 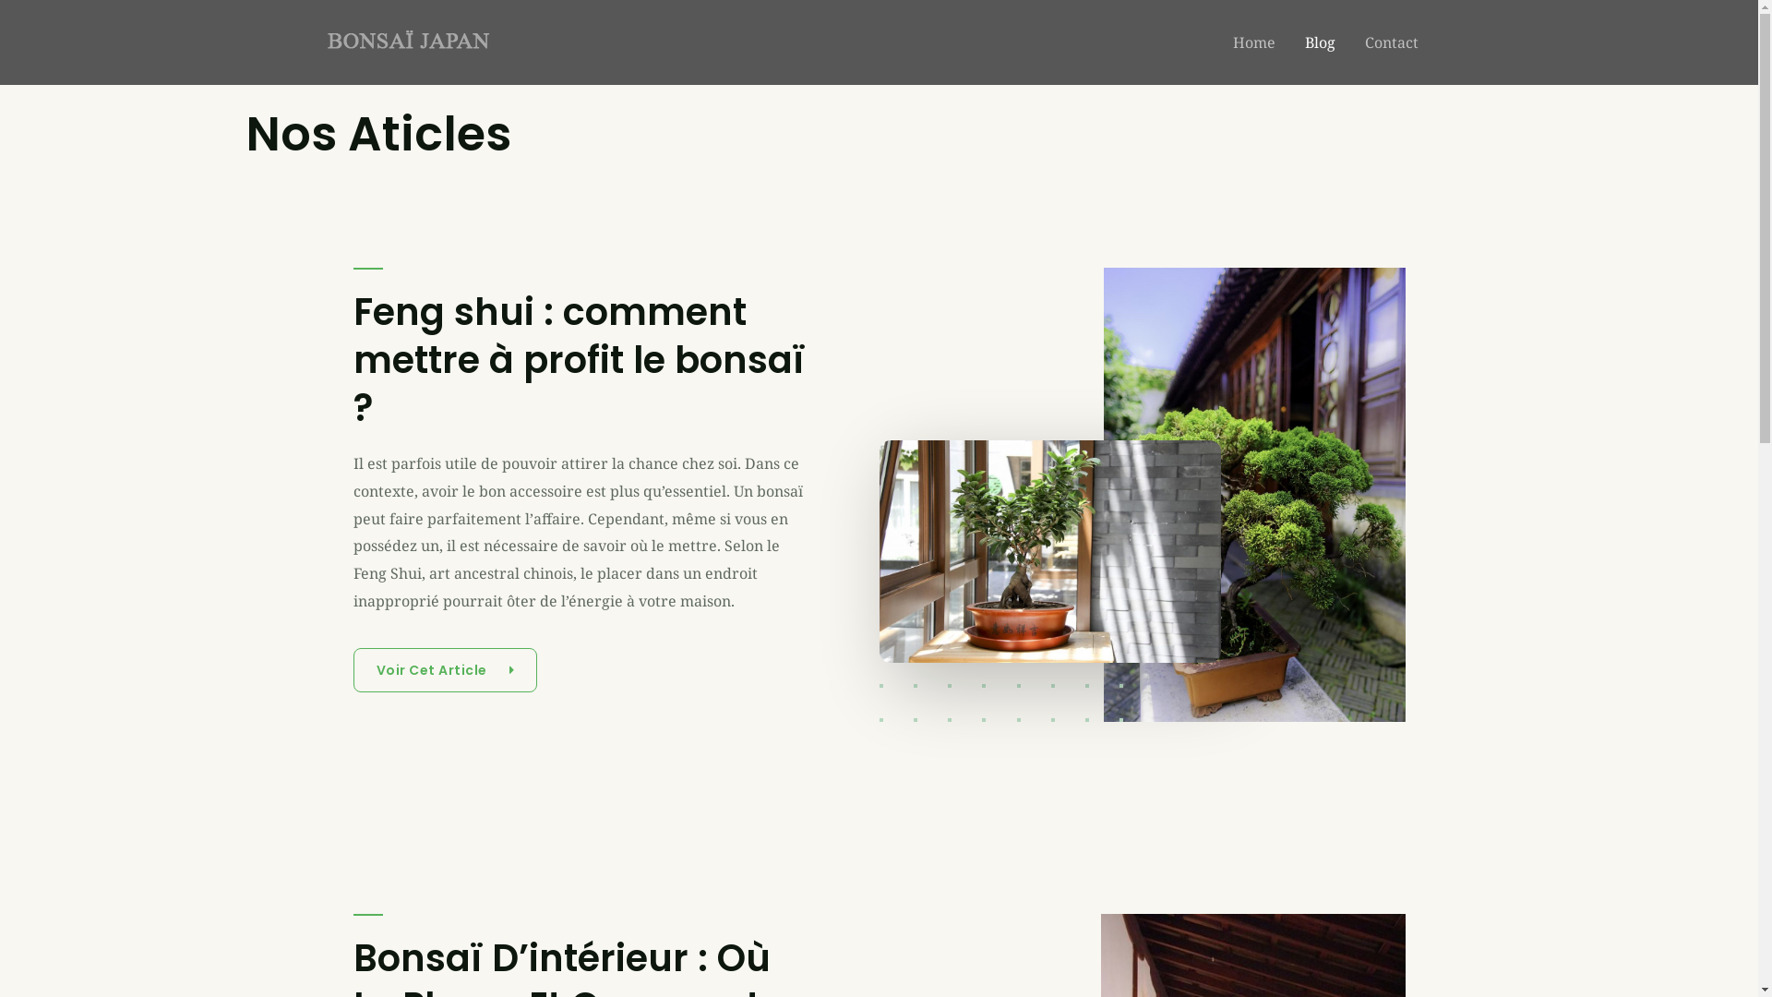 What do you see at coordinates (444, 669) in the screenshot?
I see `'Voir Cet Article'` at bounding box center [444, 669].